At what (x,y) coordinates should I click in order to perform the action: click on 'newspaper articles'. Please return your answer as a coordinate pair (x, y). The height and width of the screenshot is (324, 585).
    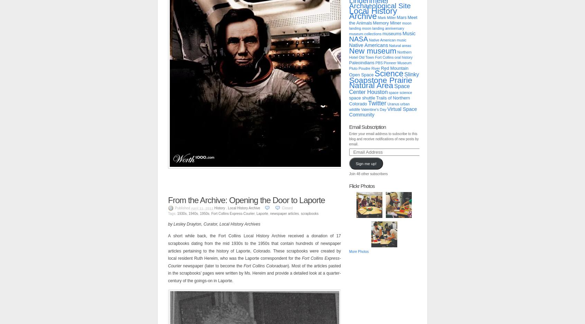
    Looking at the image, I should click on (284, 213).